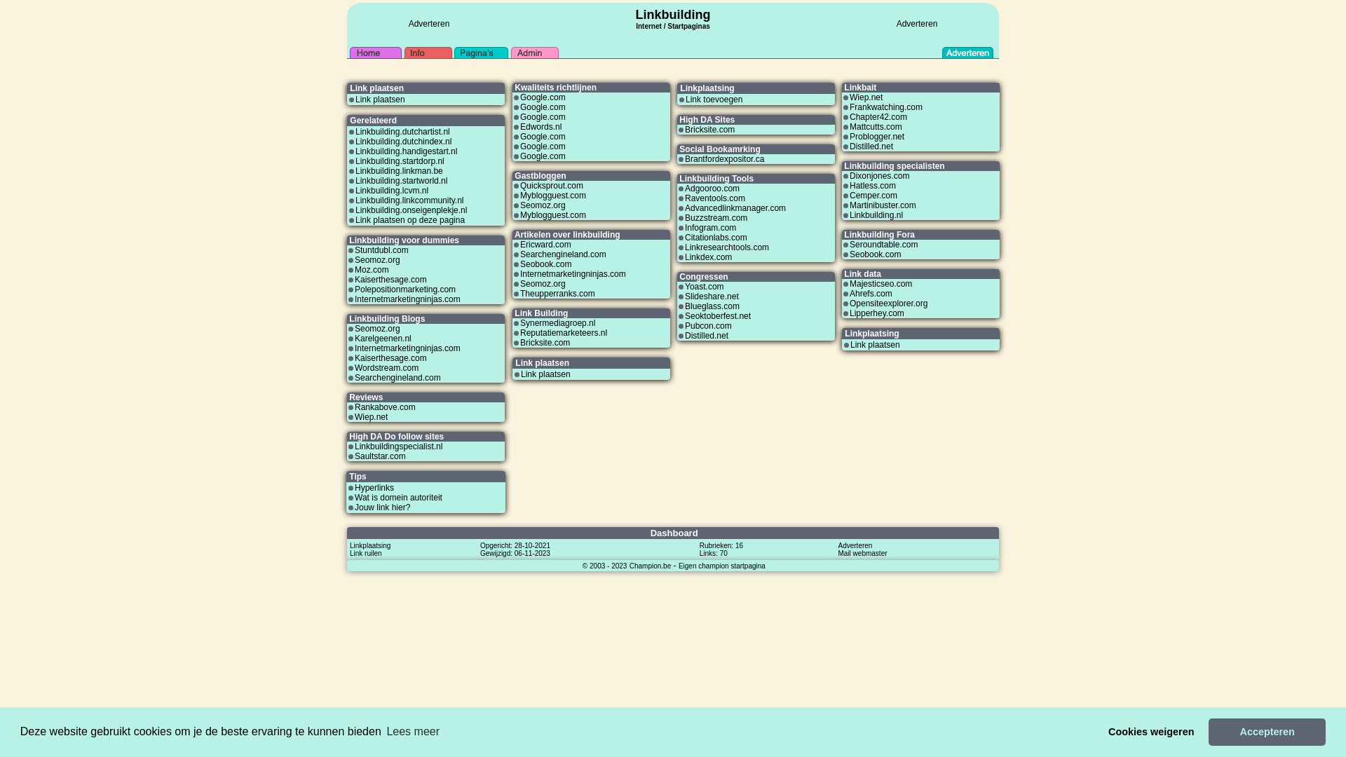  Describe the element at coordinates (354, 456) in the screenshot. I see `'Saultstar.com'` at that location.